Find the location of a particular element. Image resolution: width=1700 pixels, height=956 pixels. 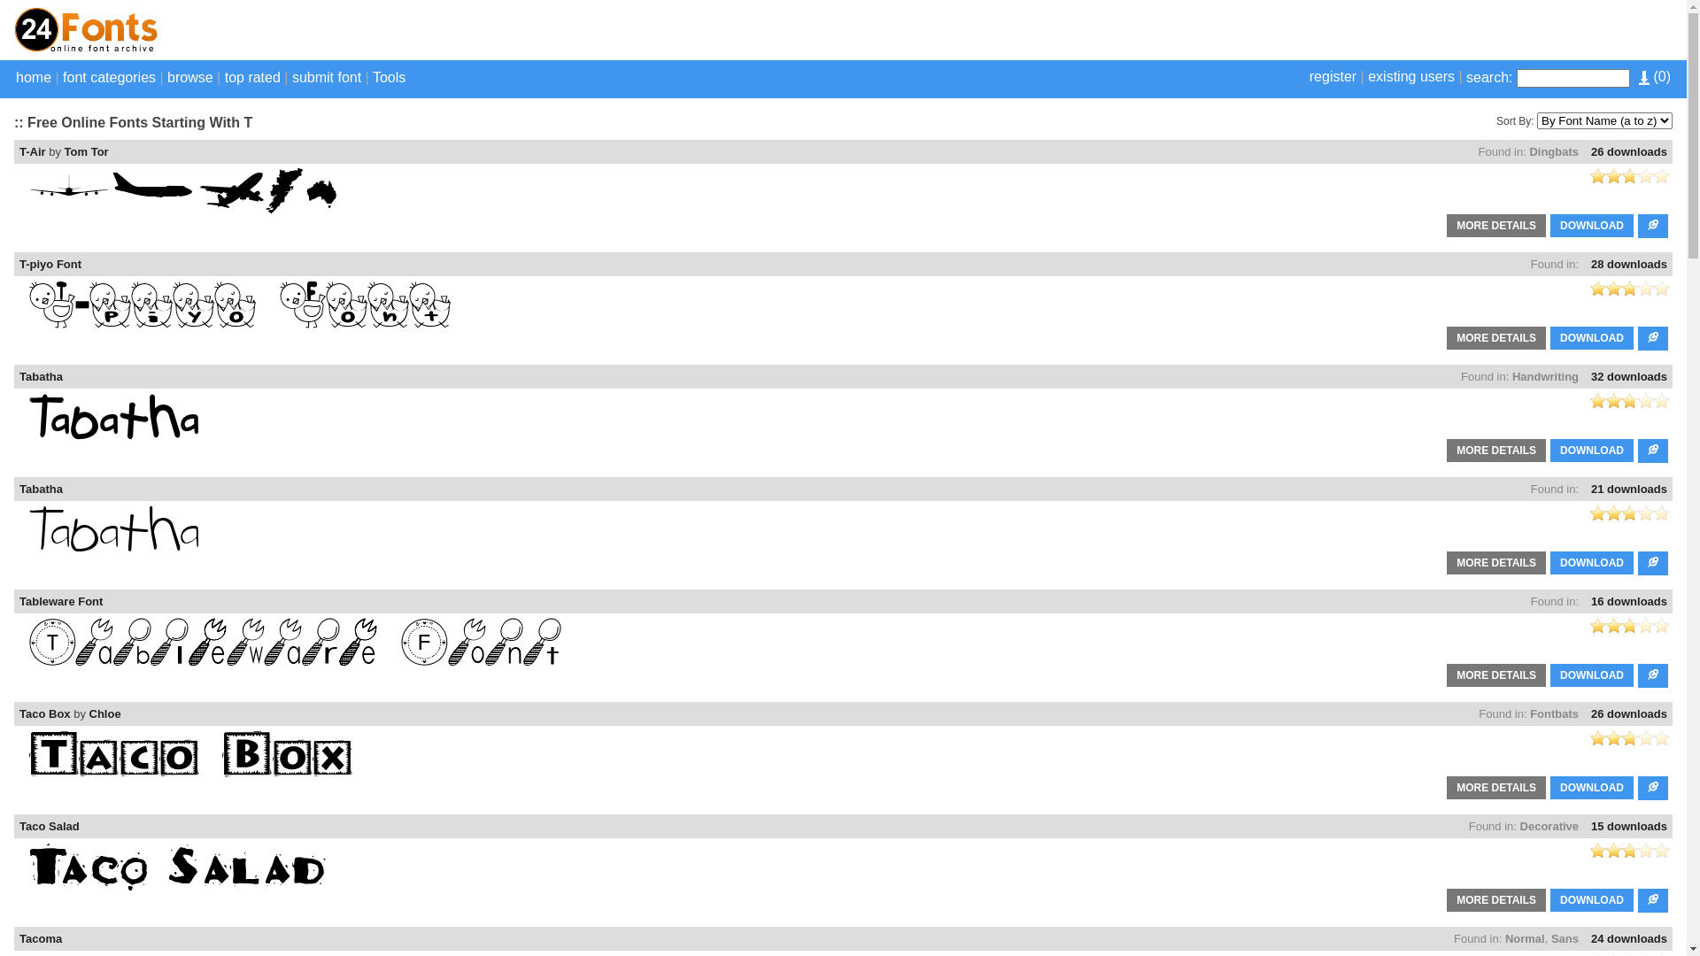

'26 downloads' is located at coordinates (1628, 150).